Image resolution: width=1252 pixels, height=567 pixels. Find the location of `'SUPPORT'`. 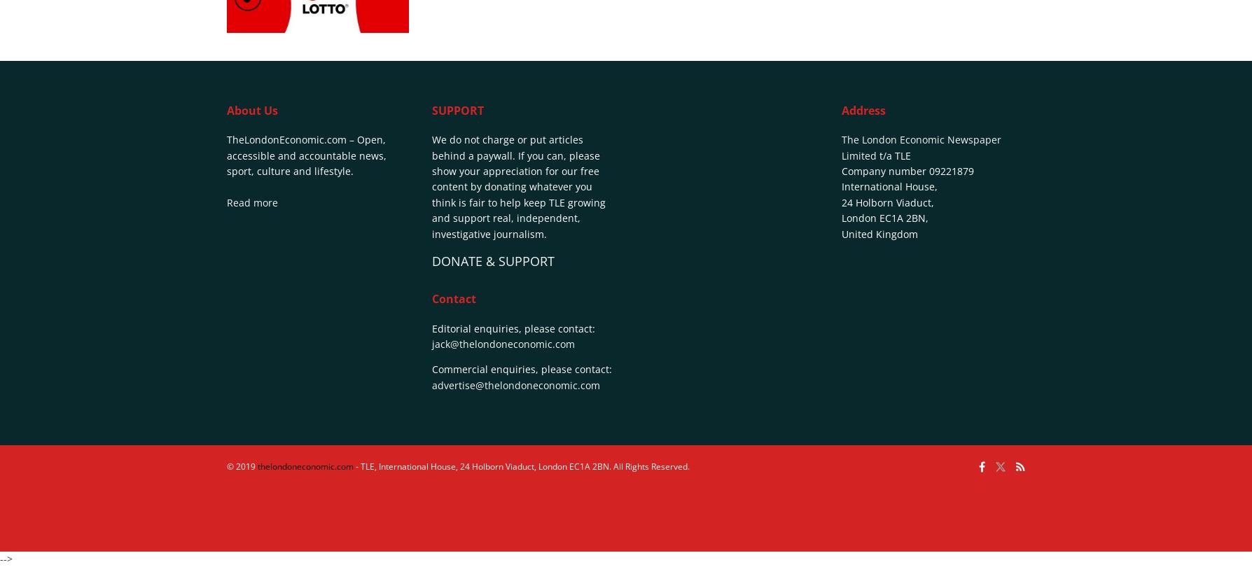

'SUPPORT' is located at coordinates (457, 109).